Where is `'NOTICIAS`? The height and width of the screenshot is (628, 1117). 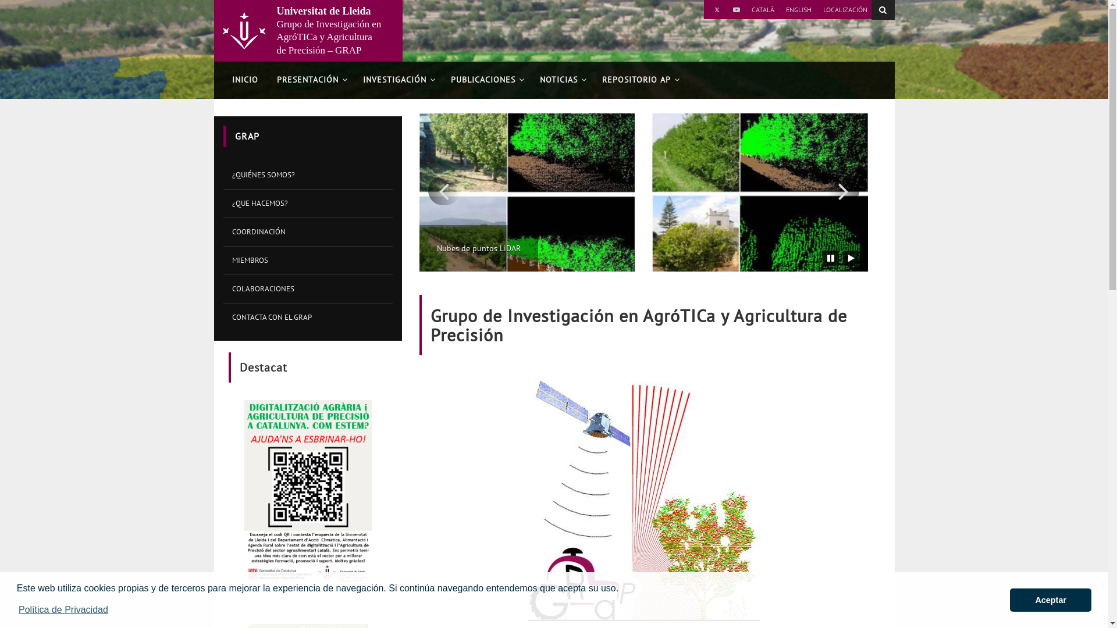 'NOTICIAS is located at coordinates (561, 80).